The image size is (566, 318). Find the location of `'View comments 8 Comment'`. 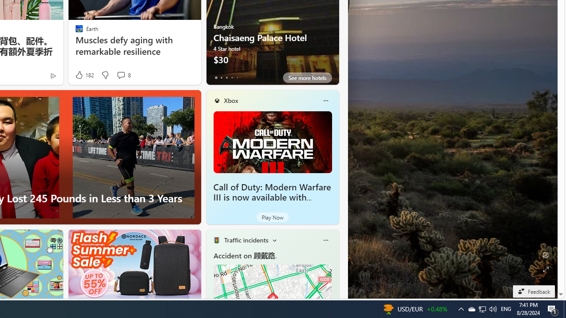

'View comments 8 Comment' is located at coordinates (120, 74).